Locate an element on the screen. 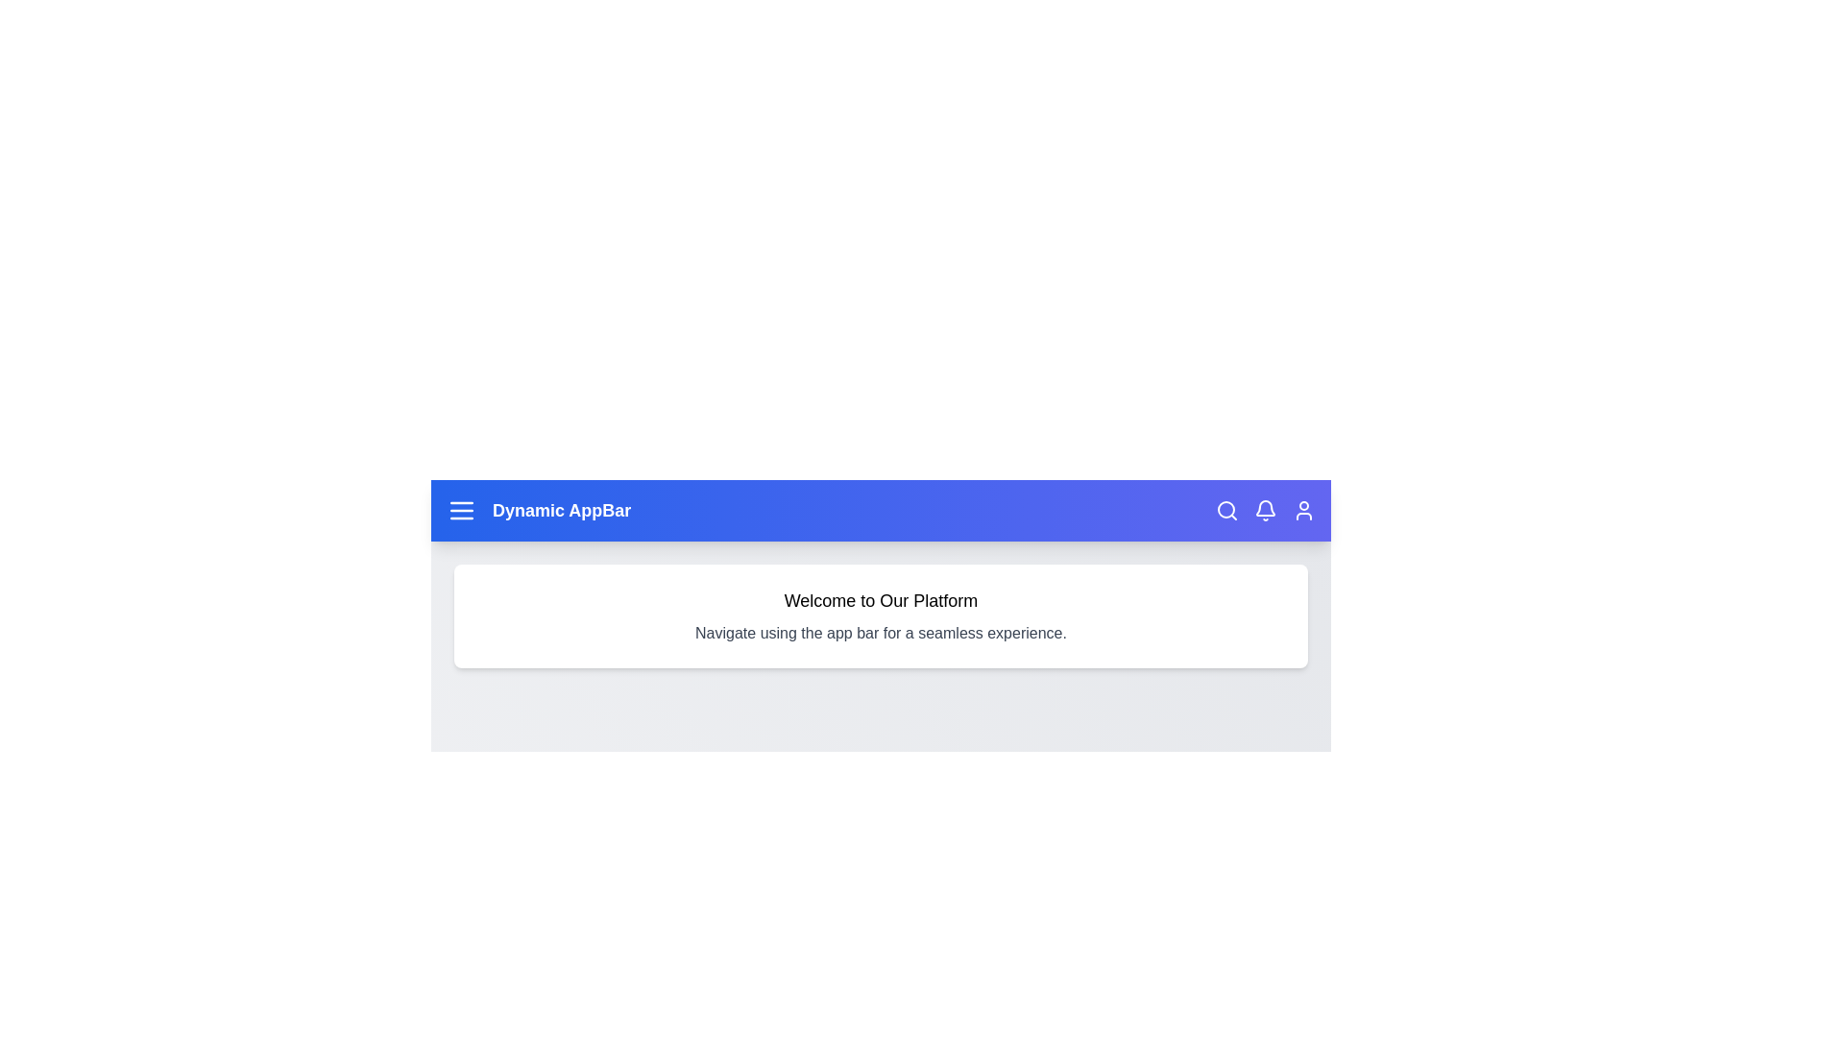 The height and width of the screenshot is (1037, 1844). the 'User' icon to interact with it is located at coordinates (1304, 510).